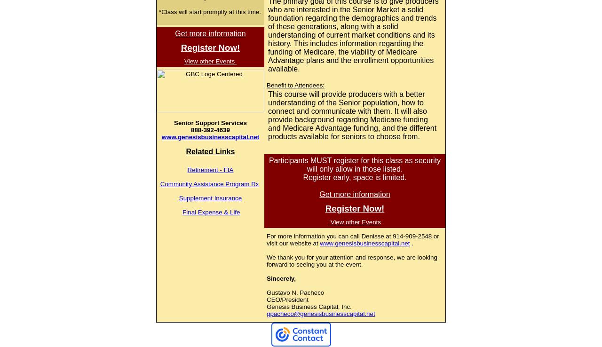  I want to click on 'Final Expense & Life', so click(211, 212).